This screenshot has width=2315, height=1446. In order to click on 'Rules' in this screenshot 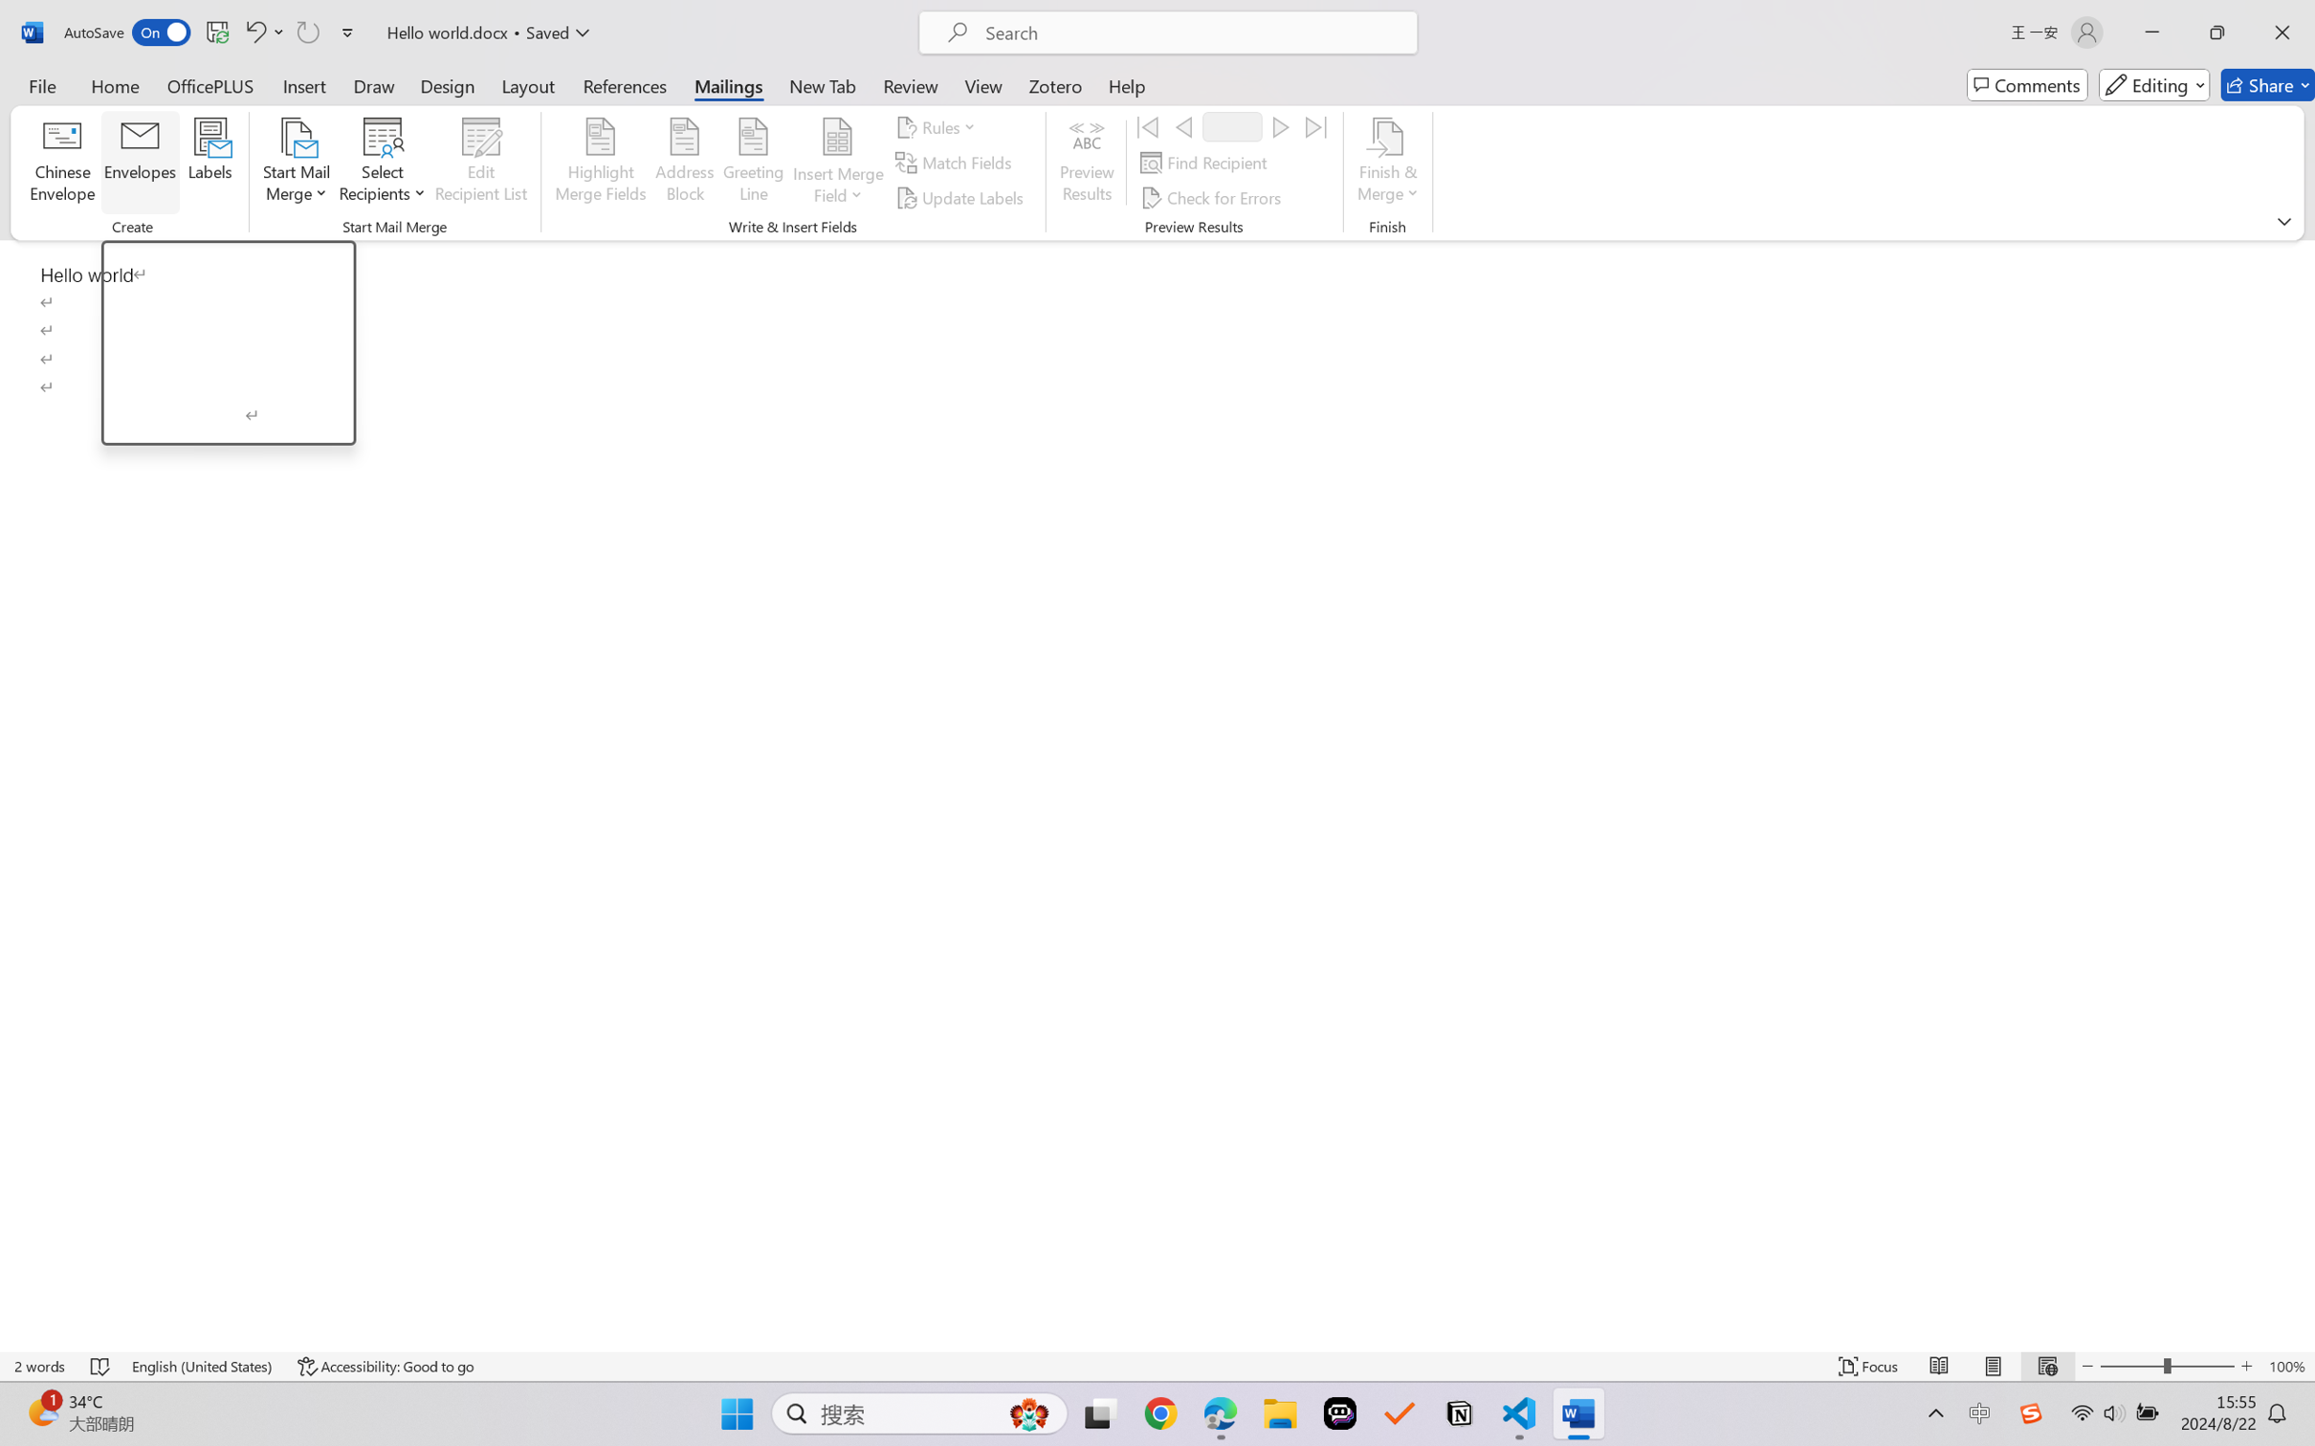, I will do `click(937, 125)`.